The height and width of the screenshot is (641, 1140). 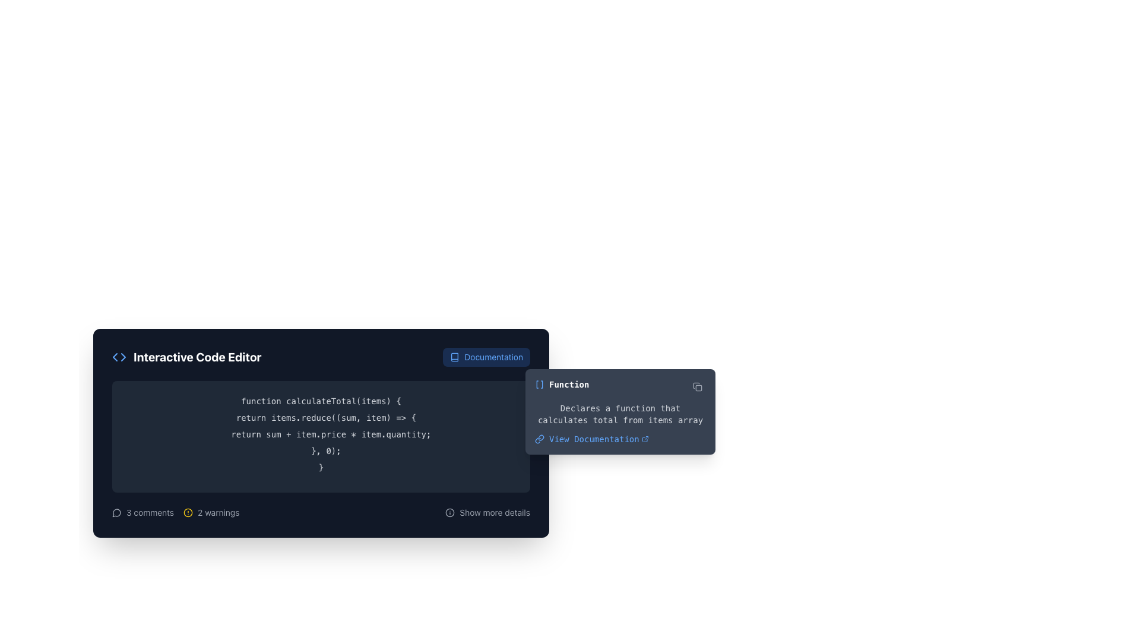 What do you see at coordinates (321, 467) in the screenshot?
I see `closing curly bracket ('}') displayed in a monospaced font style, which is part of a code block and serves as a terminator for a function definition in the code editor area` at bounding box center [321, 467].